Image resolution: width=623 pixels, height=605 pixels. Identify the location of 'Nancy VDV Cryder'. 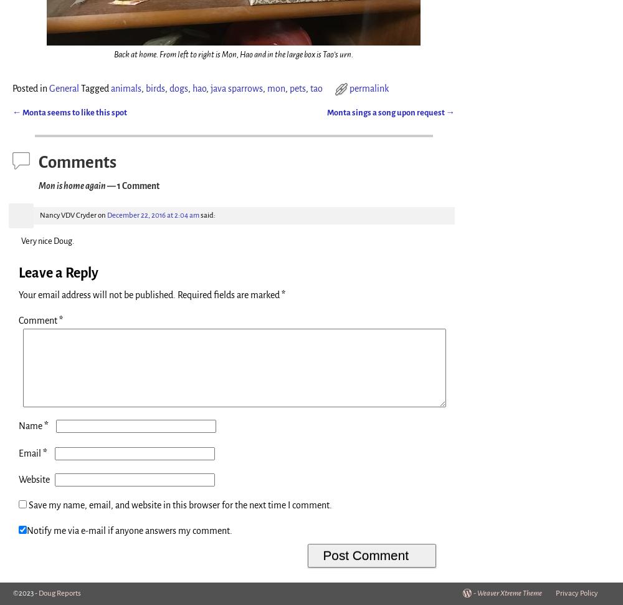
(67, 214).